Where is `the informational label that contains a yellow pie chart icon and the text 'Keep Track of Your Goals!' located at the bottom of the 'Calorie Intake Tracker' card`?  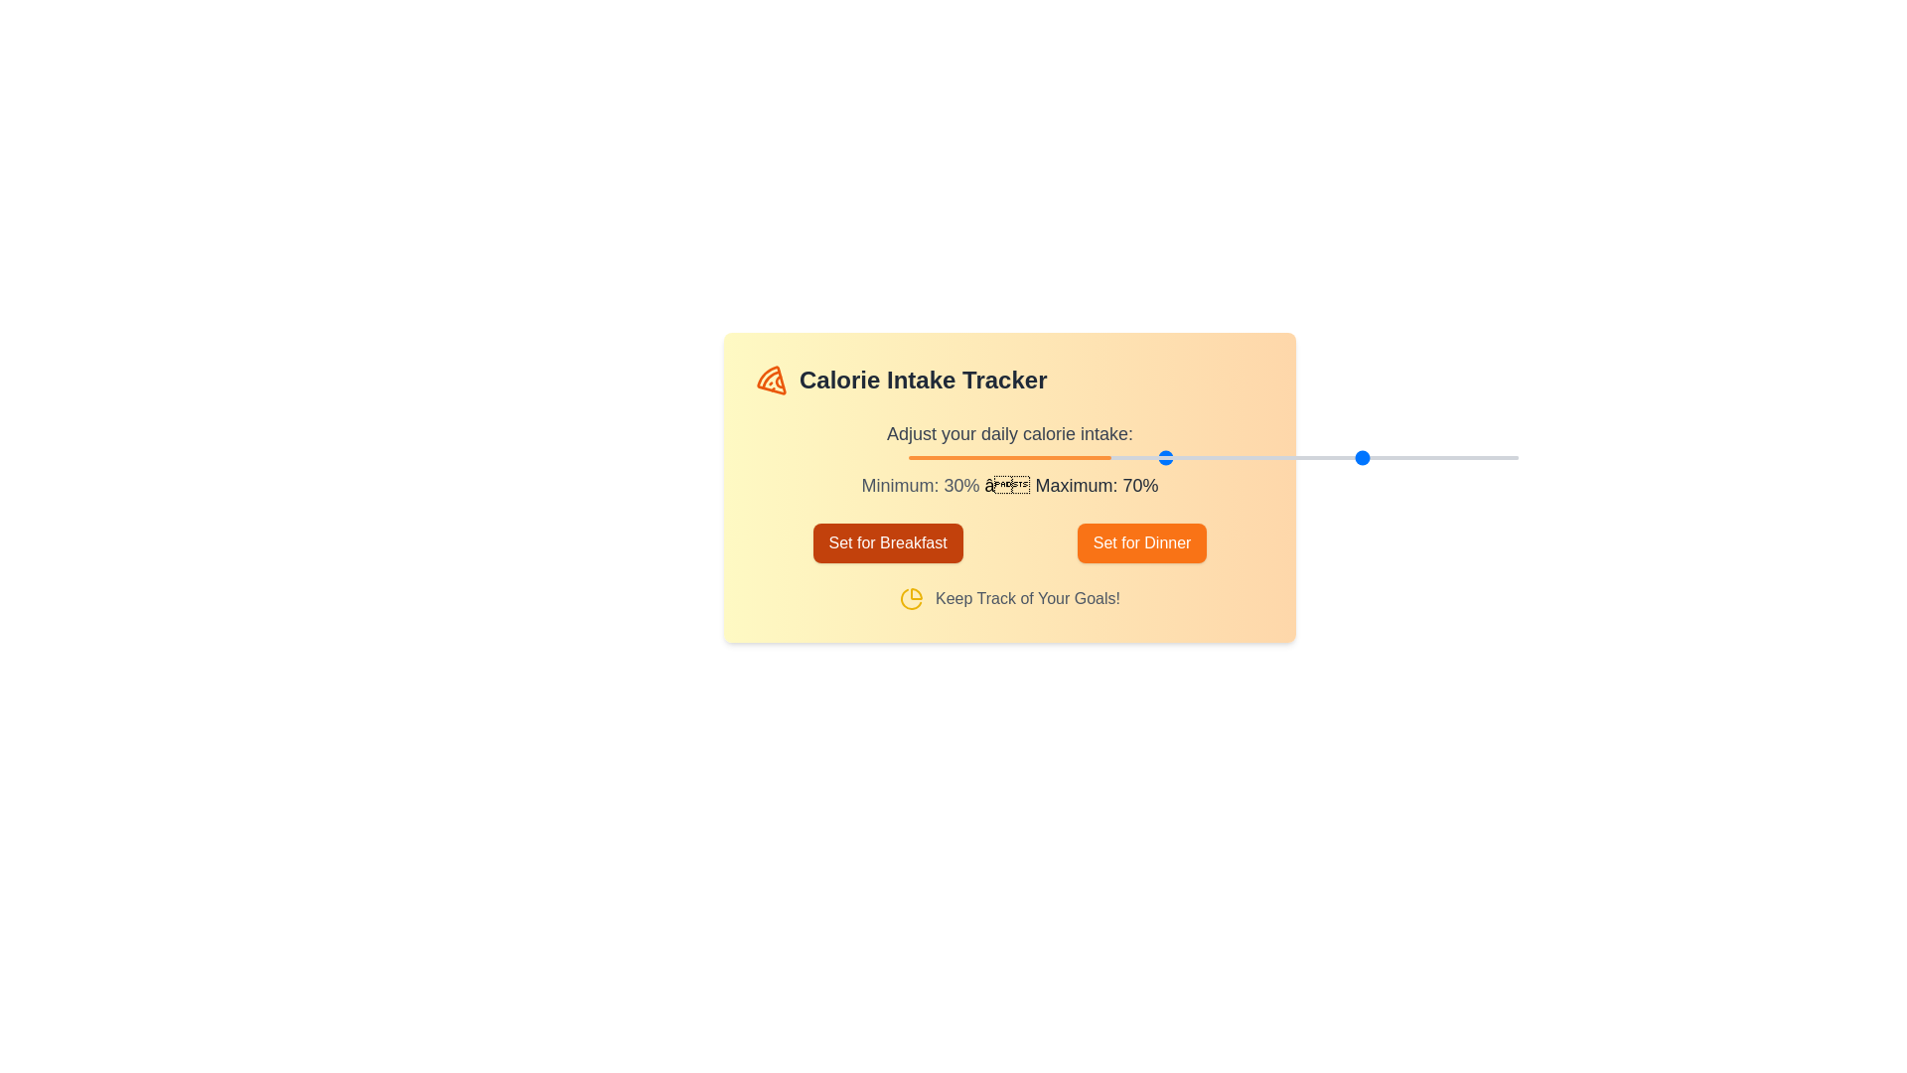 the informational label that contains a yellow pie chart icon and the text 'Keep Track of Your Goals!' located at the bottom of the 'Calorie Intake Tracker' card is located at coordinates (1010, 597).